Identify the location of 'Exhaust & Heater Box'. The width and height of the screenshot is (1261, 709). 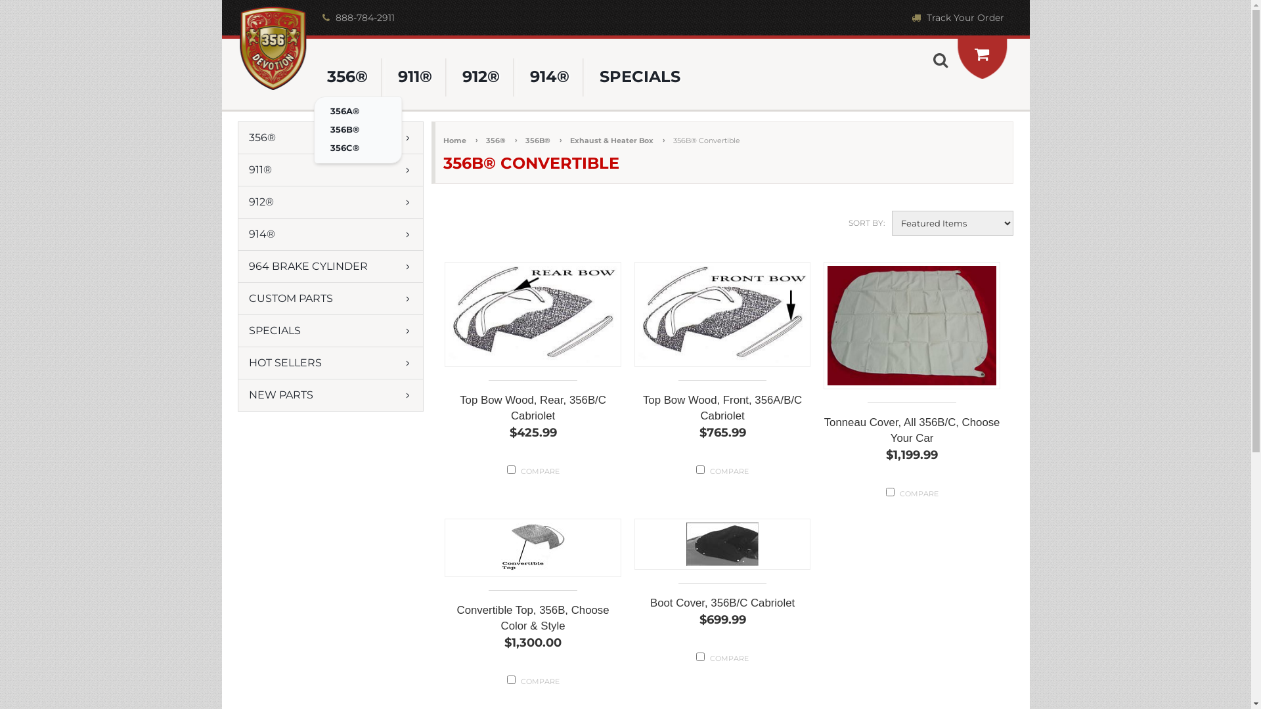
(570, 140).